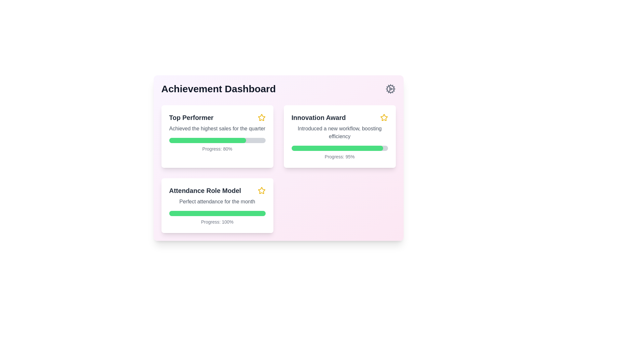  Describe the element at coordinates (217, 191) in the screenshot. I see `the 'Attendance Role Model' heading and yellow star icon` at that location.